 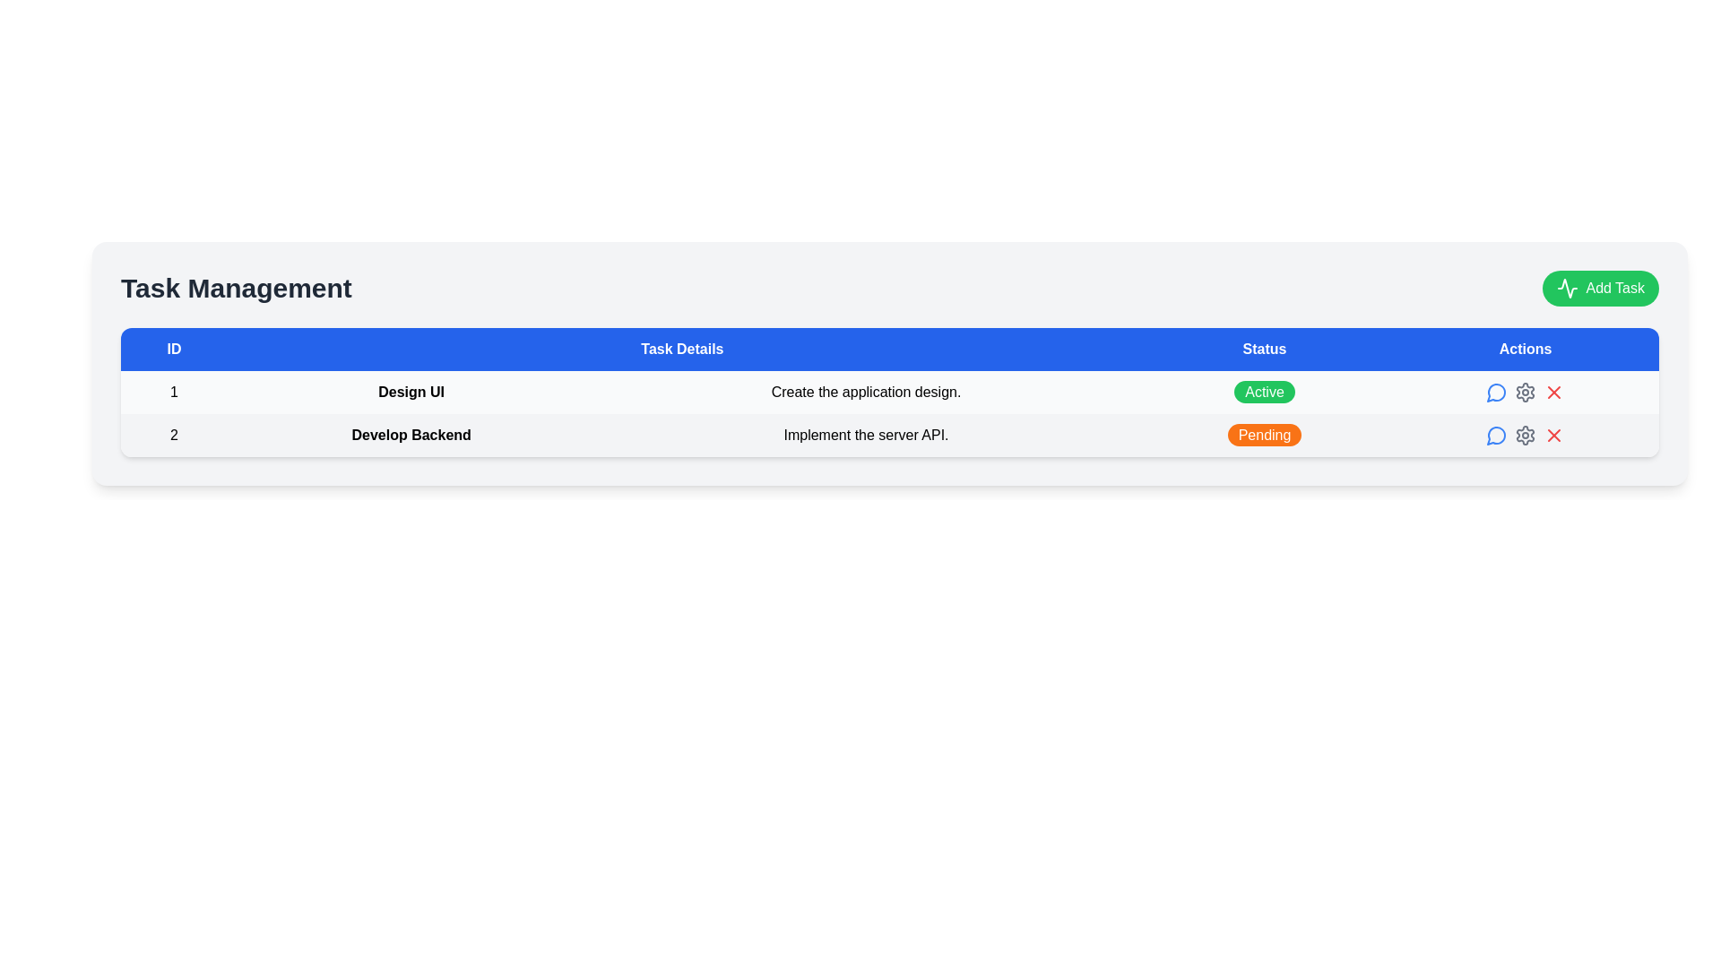 What do you see at coordinates (411, 436) in the screenshot?
I see `the static text label displaying 'Develop Backend' located in the second row of the task management table within the 'Task Details' column` at bounding box center [411, 436].